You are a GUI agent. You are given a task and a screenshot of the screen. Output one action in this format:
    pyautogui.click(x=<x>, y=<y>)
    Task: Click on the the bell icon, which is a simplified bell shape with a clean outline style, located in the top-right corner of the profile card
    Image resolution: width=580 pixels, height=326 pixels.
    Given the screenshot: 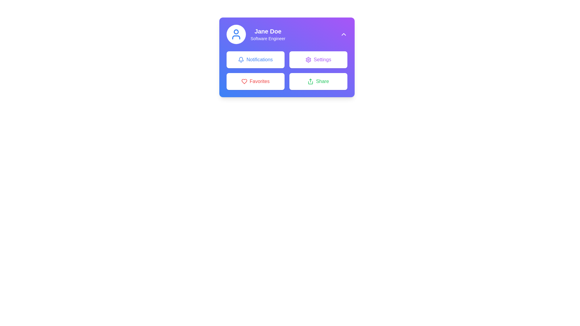 What is the action you would take?
    pyautogui.click(x=240, y=59)
    